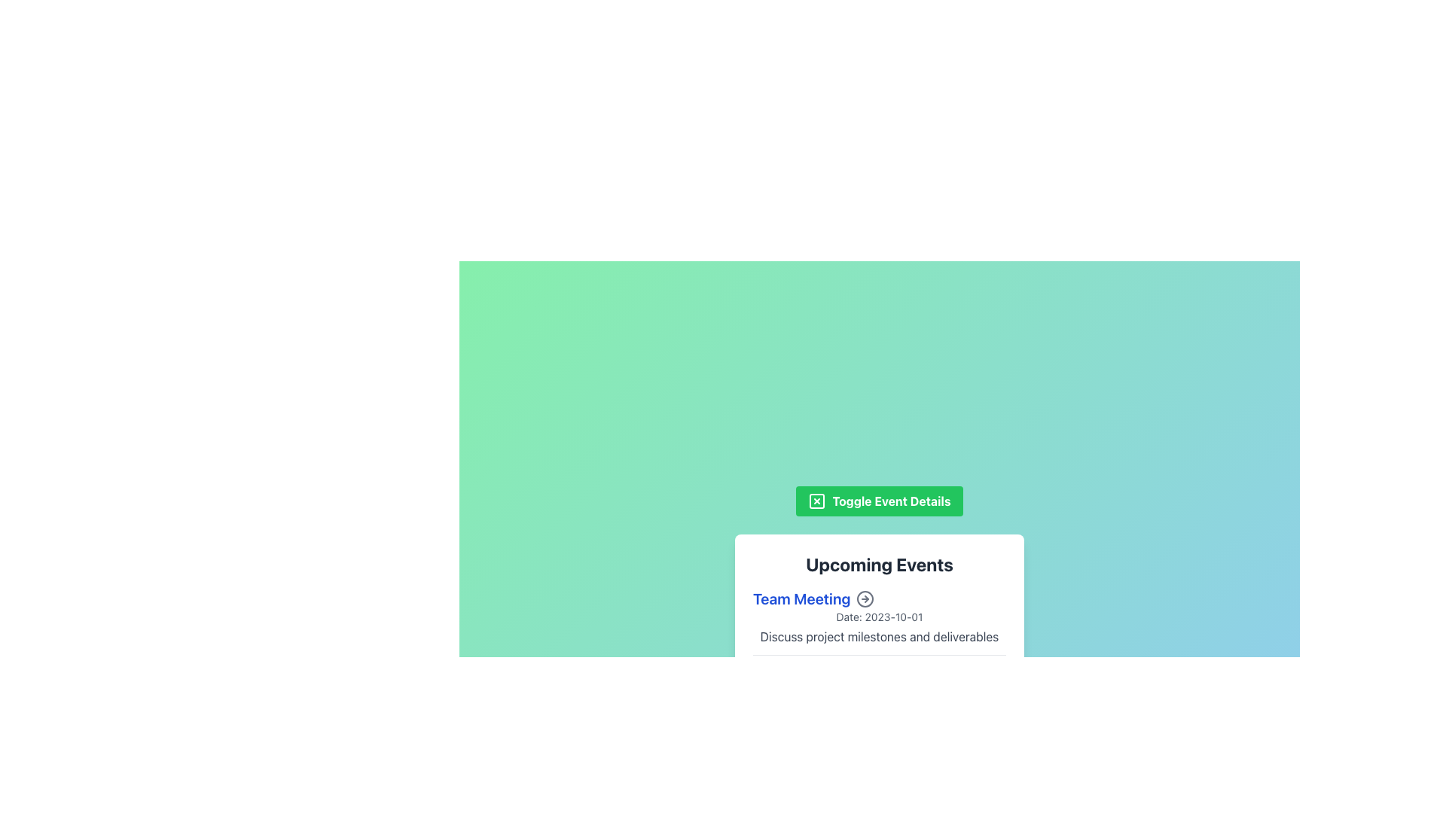 The image size is (1446, 813). I want to click on the non-interactive text label displaying the date information for the event, positioned below the 'Team Meeting' heading, so click(879, 616).